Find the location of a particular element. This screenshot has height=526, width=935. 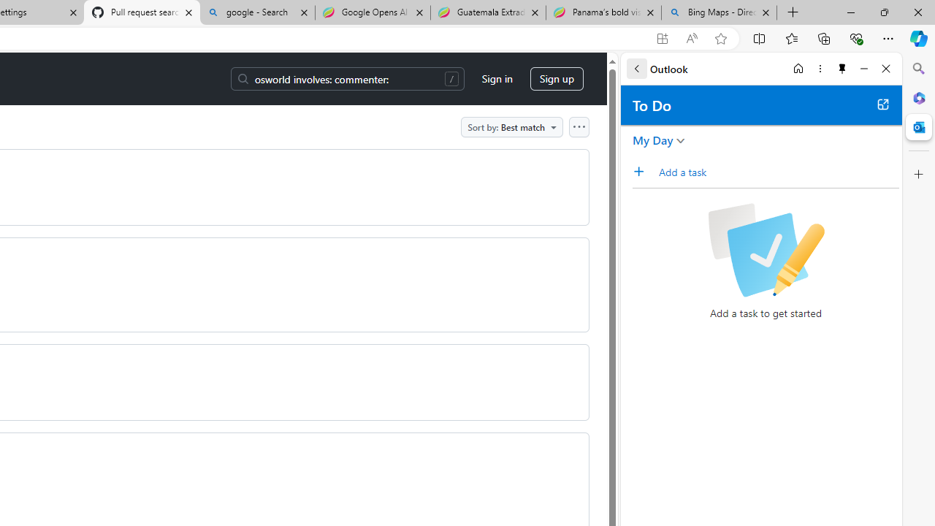

'Checkbox with a pencil' is located at coordinates (765, 250).